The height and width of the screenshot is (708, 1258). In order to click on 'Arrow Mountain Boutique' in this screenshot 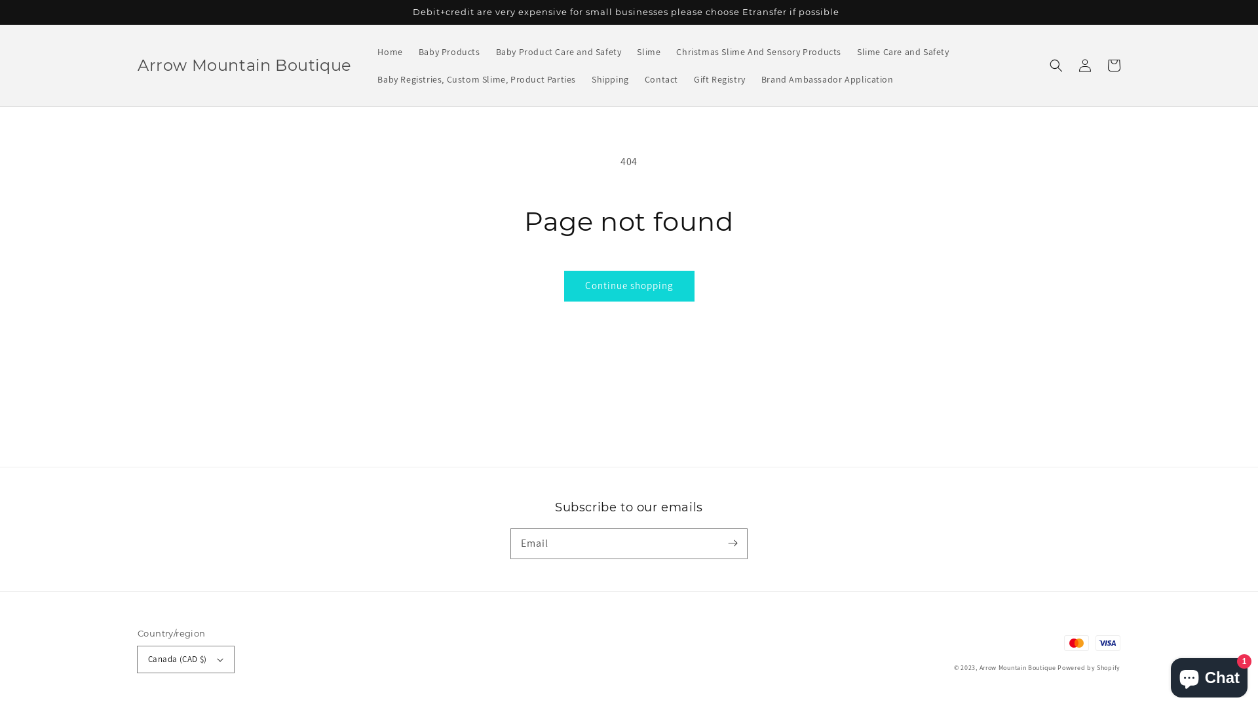, I will do `click(1017, 667)`.